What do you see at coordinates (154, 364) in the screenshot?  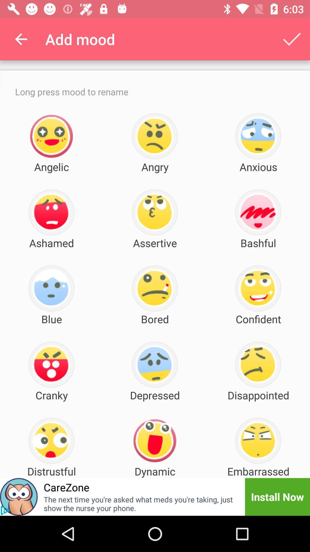 I see `the icon which is just above the depressed` at bounding box center [154, 364].